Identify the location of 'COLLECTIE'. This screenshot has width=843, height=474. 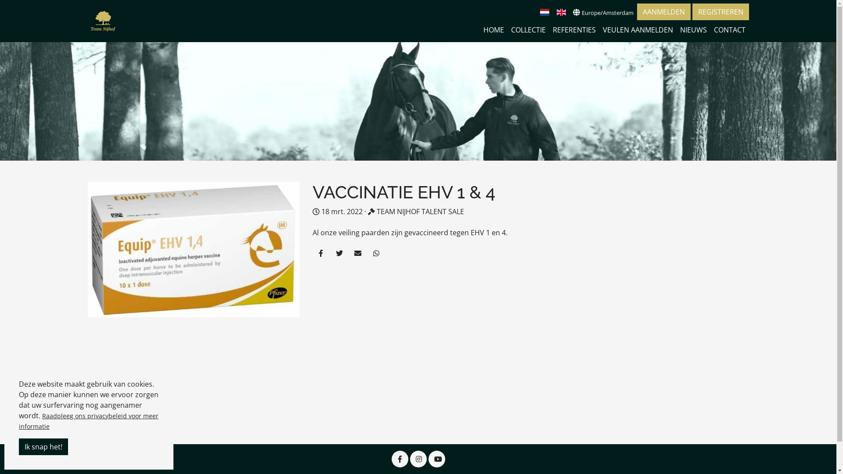
(528, 29).